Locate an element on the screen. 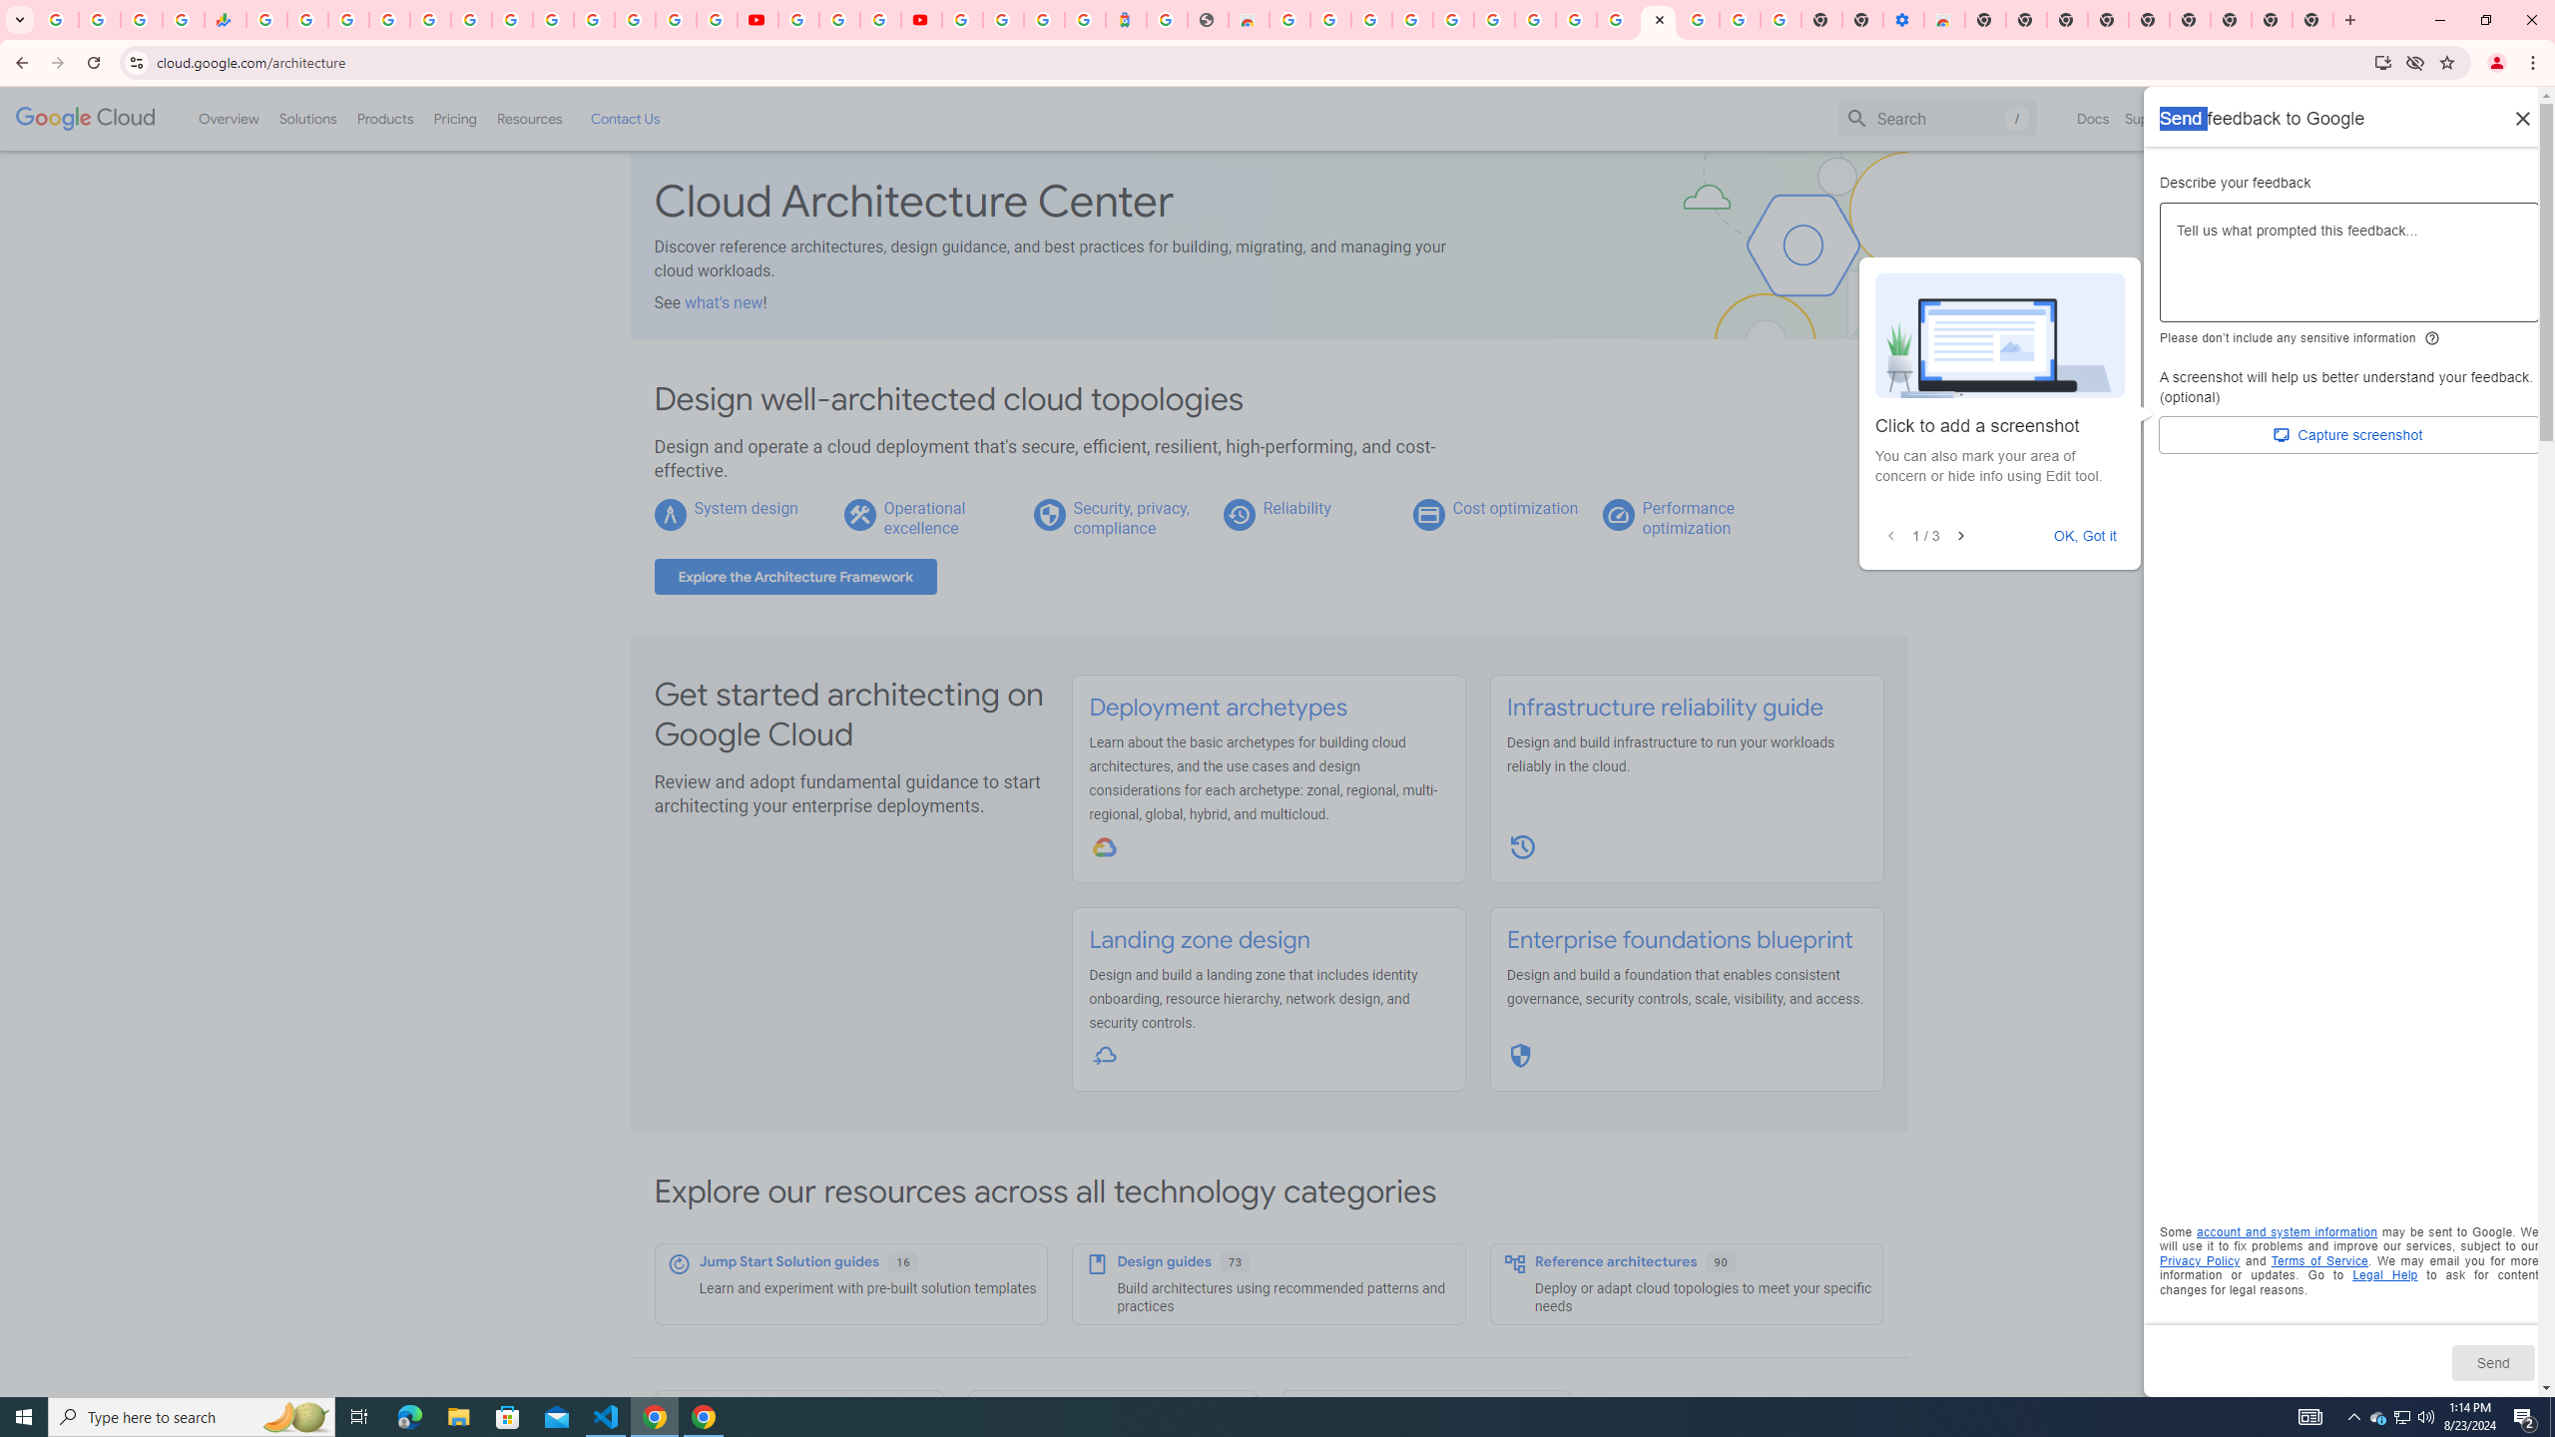  'Infrastructure reliability guide' is located at coordinates (1664, 707).